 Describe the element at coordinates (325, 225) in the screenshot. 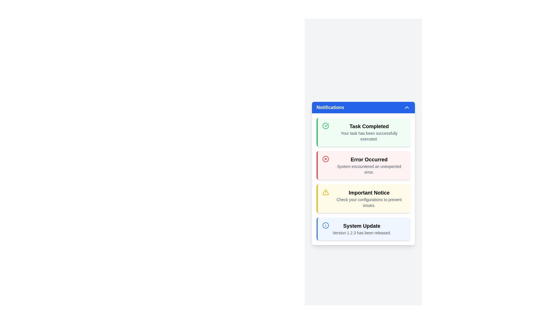

I see `the circle element of the informational icon in the bottom-most notification card titled 'System Update'` at that location.